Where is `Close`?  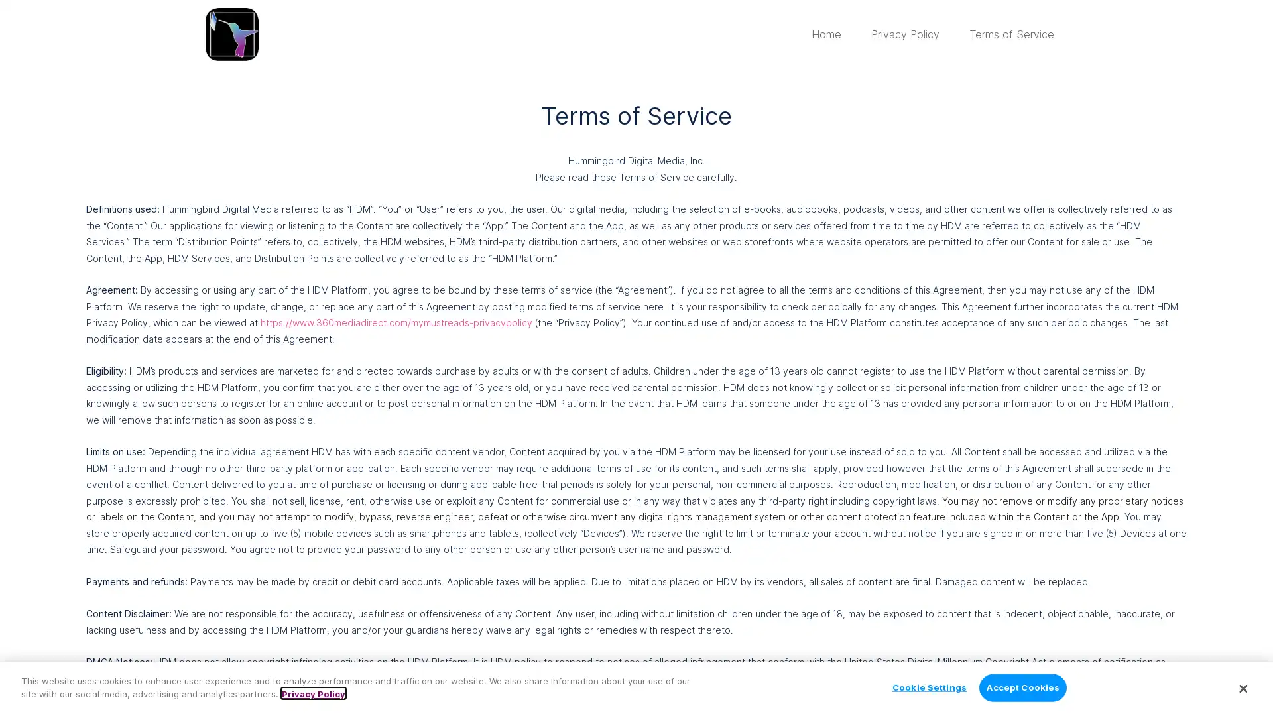
Close is located at coordinates (1242, 687).